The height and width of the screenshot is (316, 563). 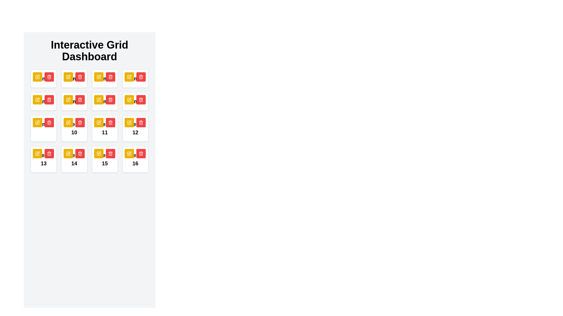 What do you see at coordinates (37, 99) in the screenshot?
I see `the edit icon located in the upper-left corner of the card titled '1' to initiate content modification` at bounding box center [37, 99].